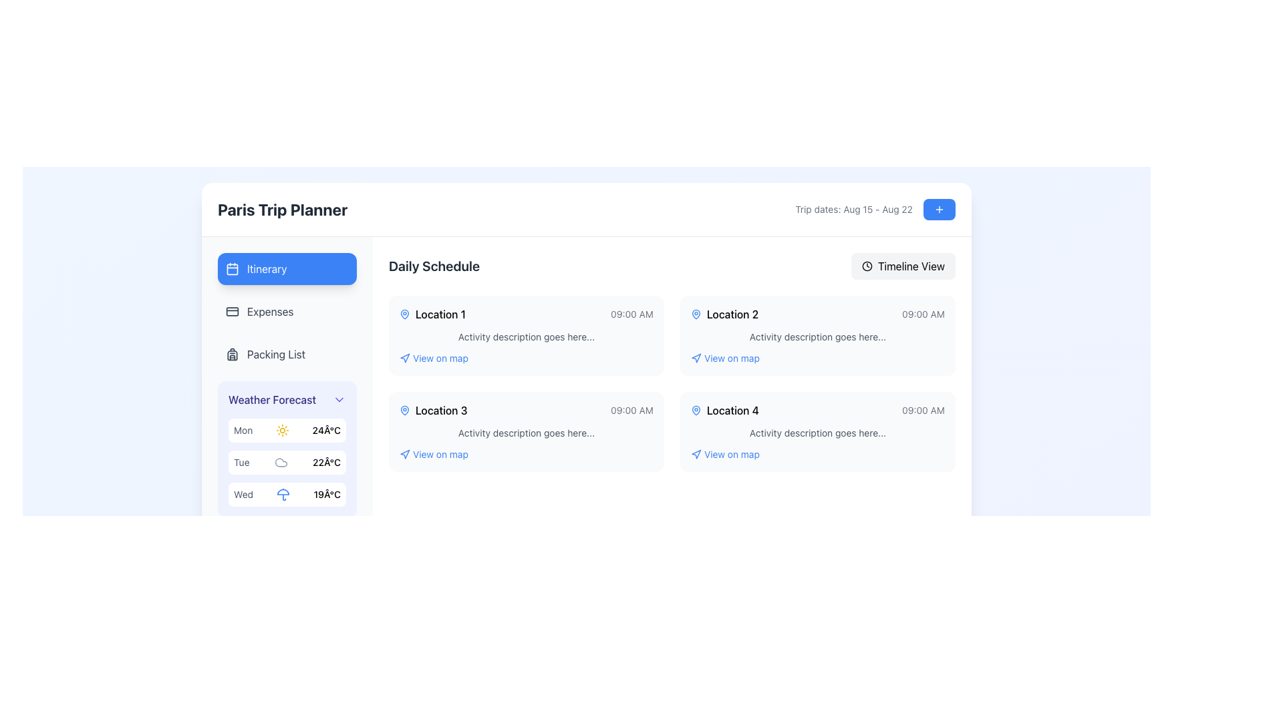 This screenshot has height=721, width=1283. Describe the element at coordinates (695, 453) in the screenshot. I see `the upward-pointing blue triangular arrow in the SVG navigation icon` at that location.